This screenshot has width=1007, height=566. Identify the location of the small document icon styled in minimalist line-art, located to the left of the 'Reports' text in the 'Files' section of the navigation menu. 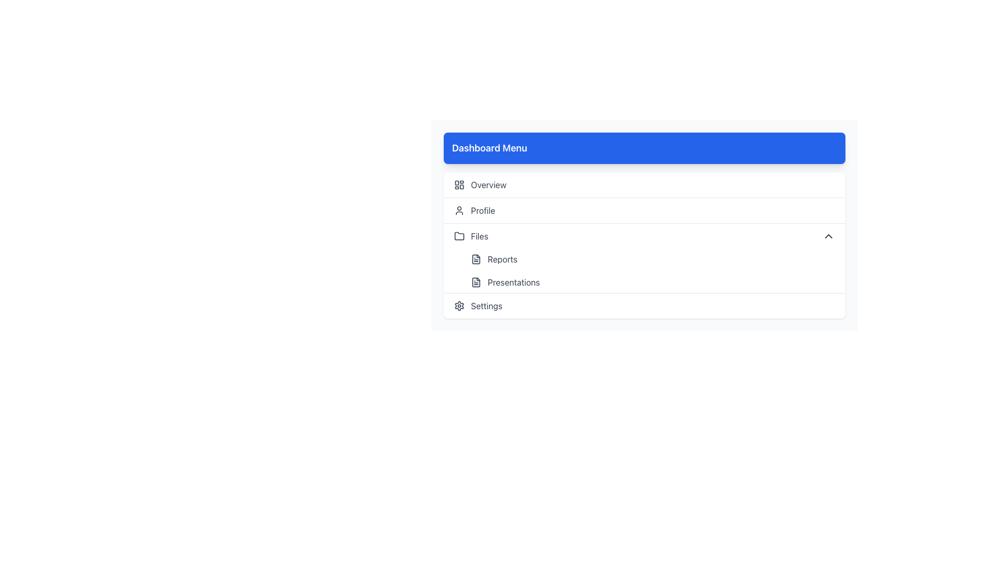
(475, 259).